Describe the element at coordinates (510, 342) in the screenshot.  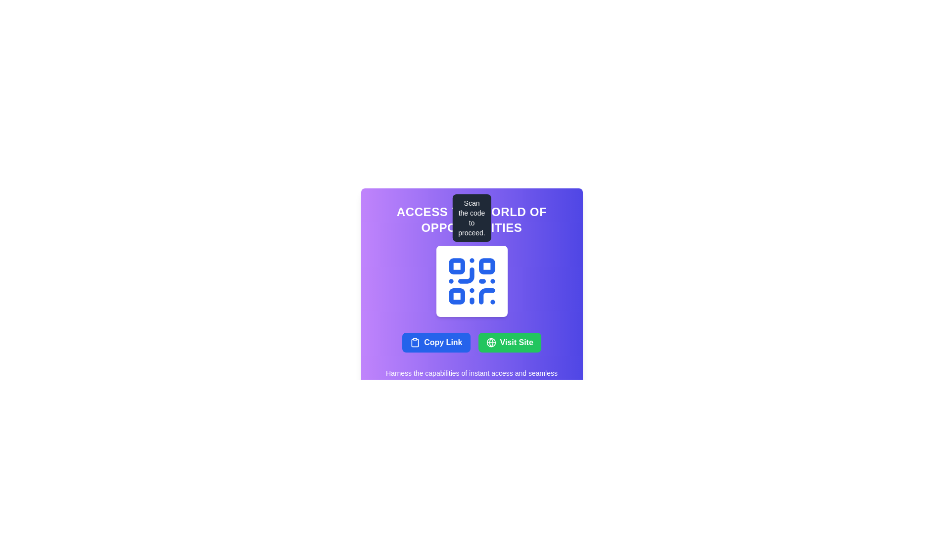
I see `the second button located to the right of the blue 'Copy Link' button to trigger hover styles` at that location.